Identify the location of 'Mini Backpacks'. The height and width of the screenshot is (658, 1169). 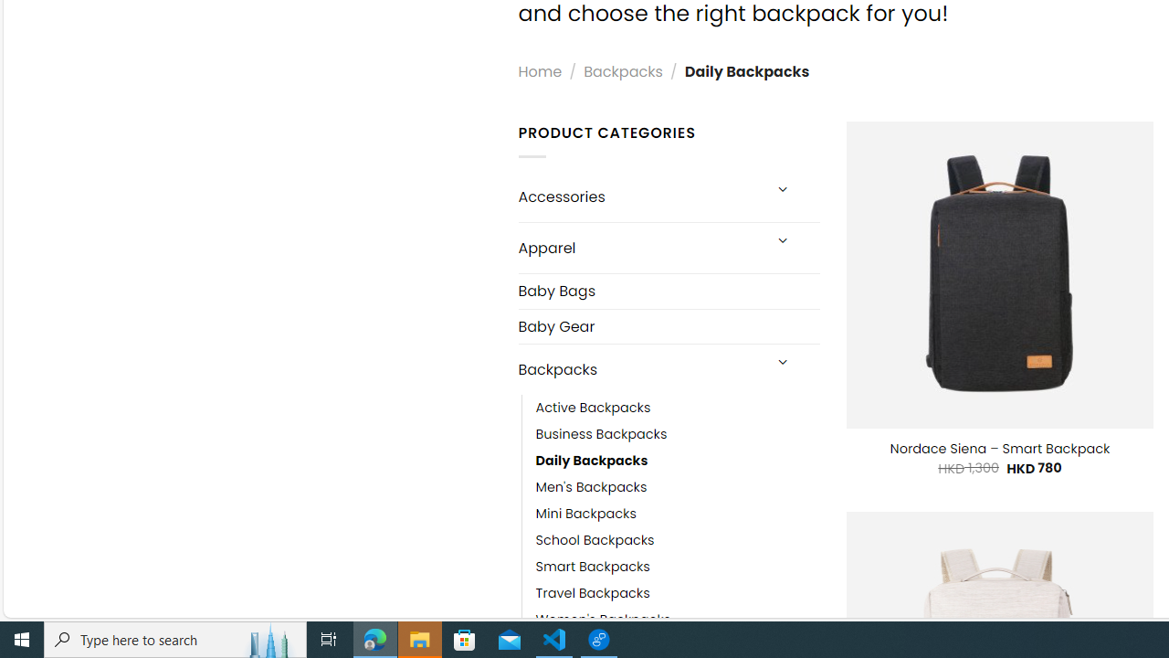
(585, 515).